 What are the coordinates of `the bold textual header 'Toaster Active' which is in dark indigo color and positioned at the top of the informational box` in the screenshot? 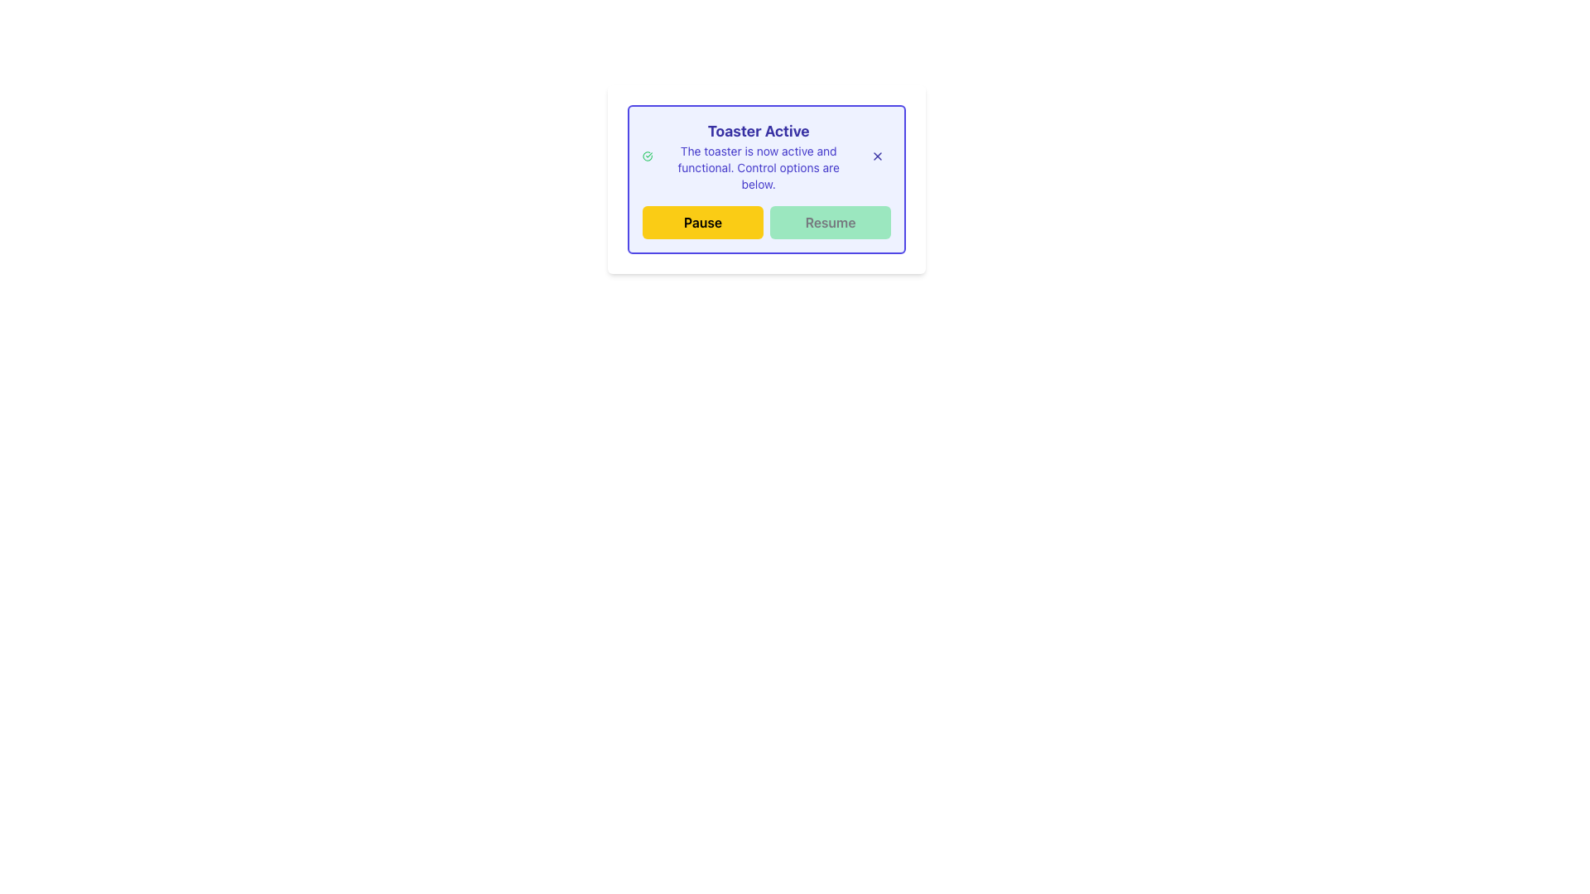 It's located at (758, 130).